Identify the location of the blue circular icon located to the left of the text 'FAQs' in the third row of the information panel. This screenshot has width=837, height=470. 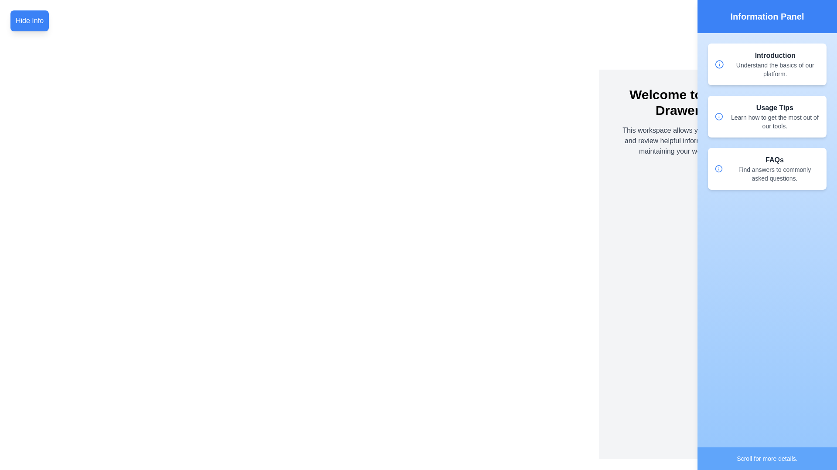
(718, 169).